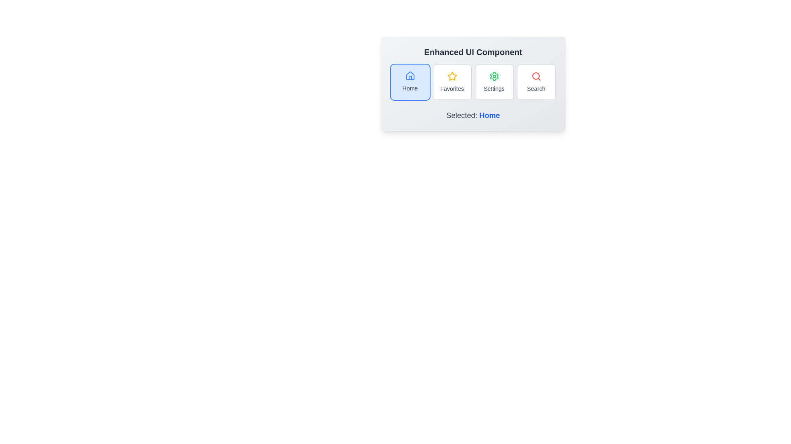 This screenshot has width=791, height=444. Describe the element at coordinates (452, 82) in the screenshot. I see `the 'Favorites' button, which is a rectangular button with a white background and a gray border, featuring a yellow star icon and located between the 'Home' and 'Settings' buttons` at that location.